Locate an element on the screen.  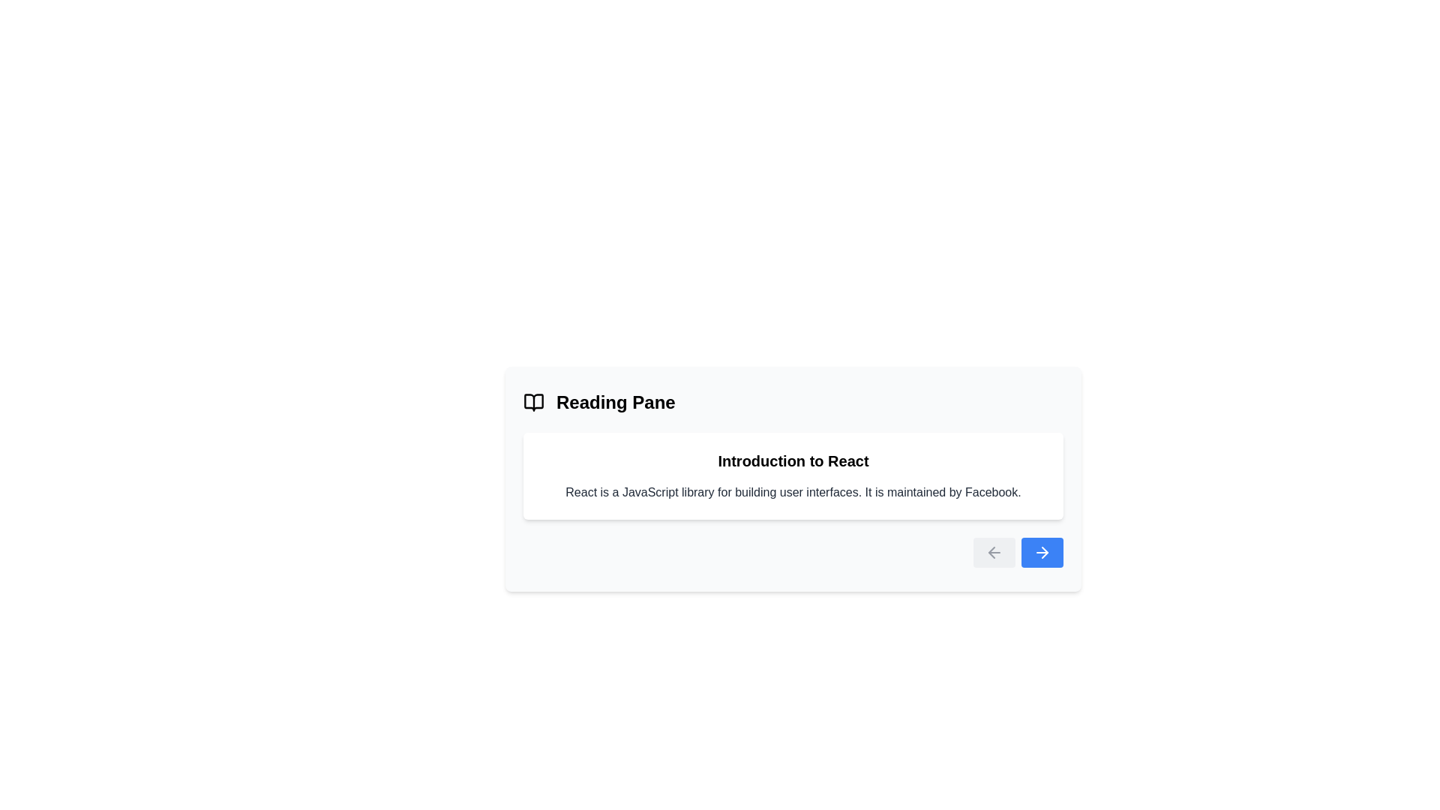
the reading icon located at the top-left section of the interface, adjacent to the title 'Reading Pane' is located at coordinates (533, 401).